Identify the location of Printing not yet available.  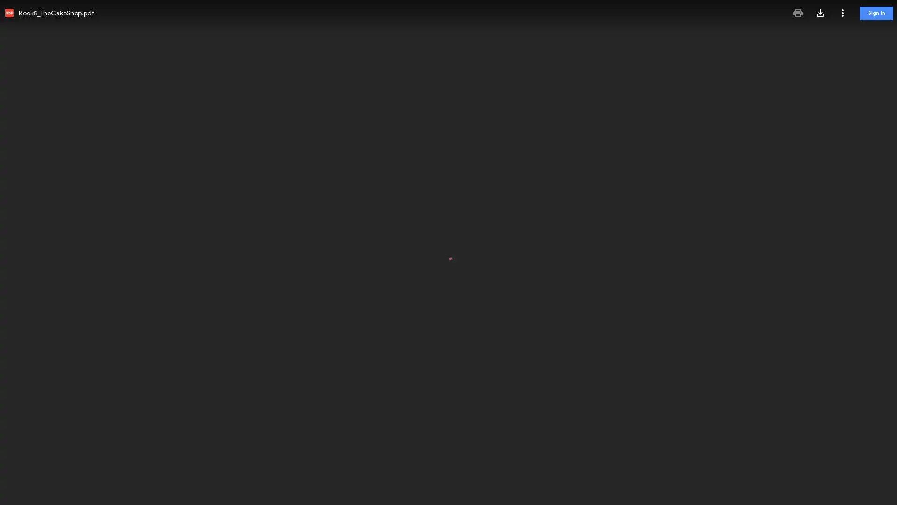
(797, 13).